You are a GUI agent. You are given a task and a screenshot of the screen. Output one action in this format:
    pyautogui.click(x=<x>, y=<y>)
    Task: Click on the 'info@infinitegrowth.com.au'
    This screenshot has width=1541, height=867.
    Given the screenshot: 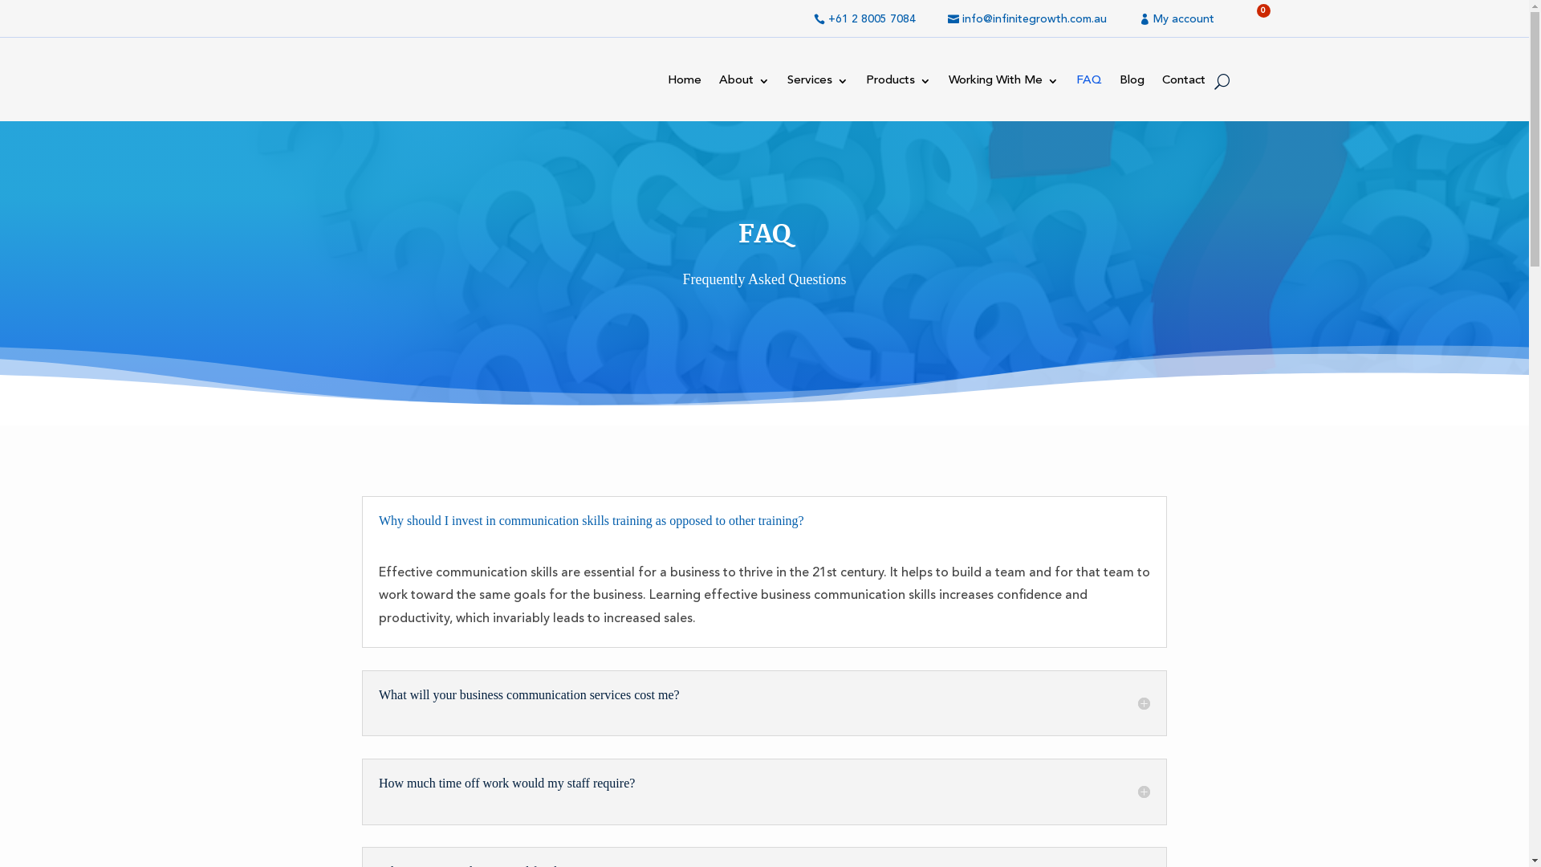 What is the action you would take?
    pyautogui.click(x=940, y=19)
    